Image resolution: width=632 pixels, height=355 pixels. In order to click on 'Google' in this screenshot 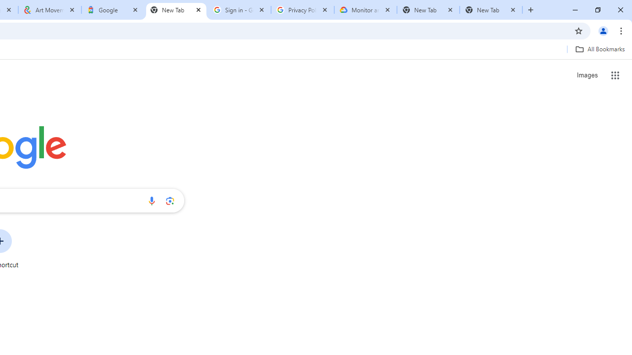, I will do `click(113, 10)`.